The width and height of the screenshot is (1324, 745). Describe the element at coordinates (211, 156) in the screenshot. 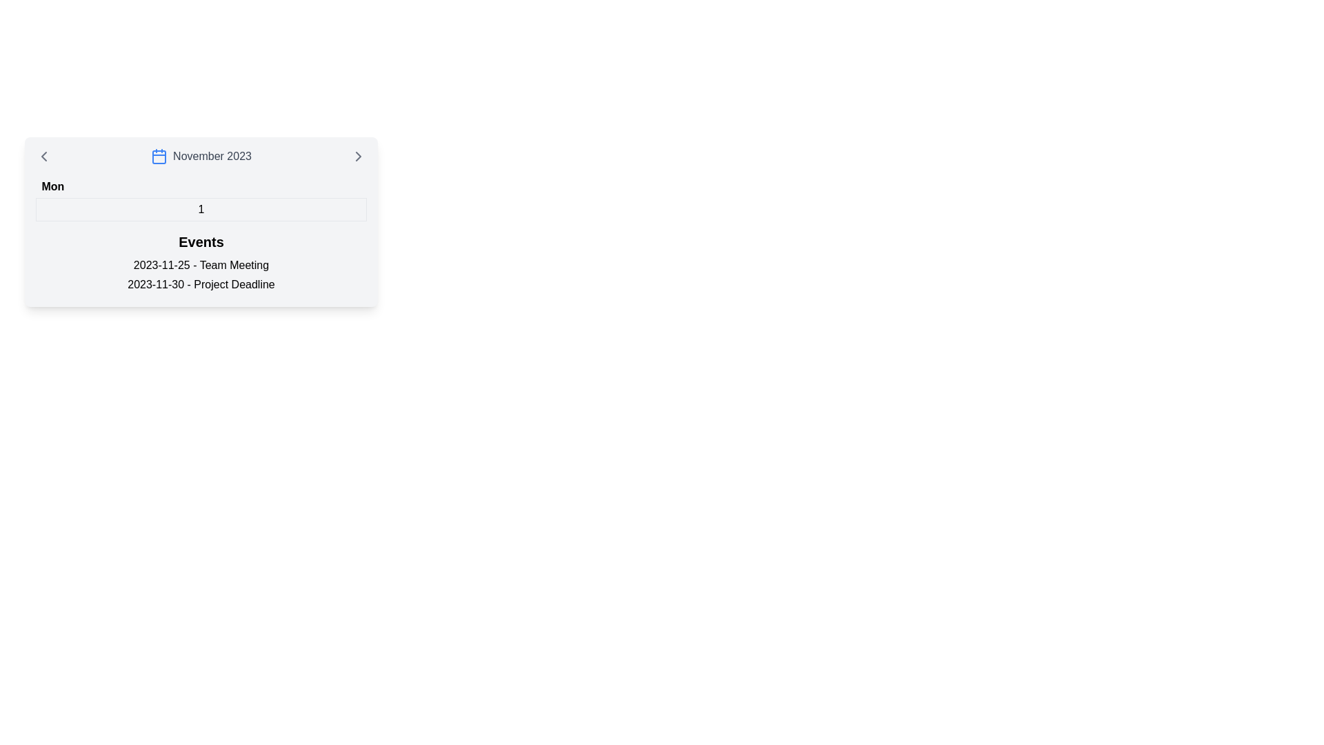

I see `the text label element displaying 'November 2023' which is located at the top section of a date selection interface, adjacent to a calendar icon` at that location.